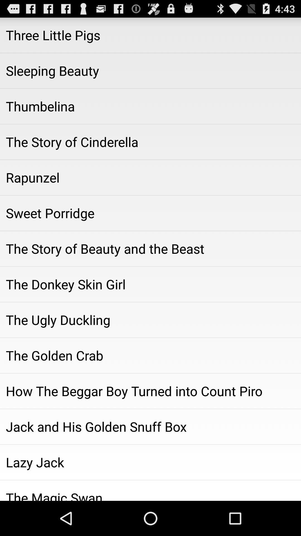  What do you see at coordinates (151, 490) in the screenshot?
I see `the item below the lazy jack app` at bounding box center [151, 490].